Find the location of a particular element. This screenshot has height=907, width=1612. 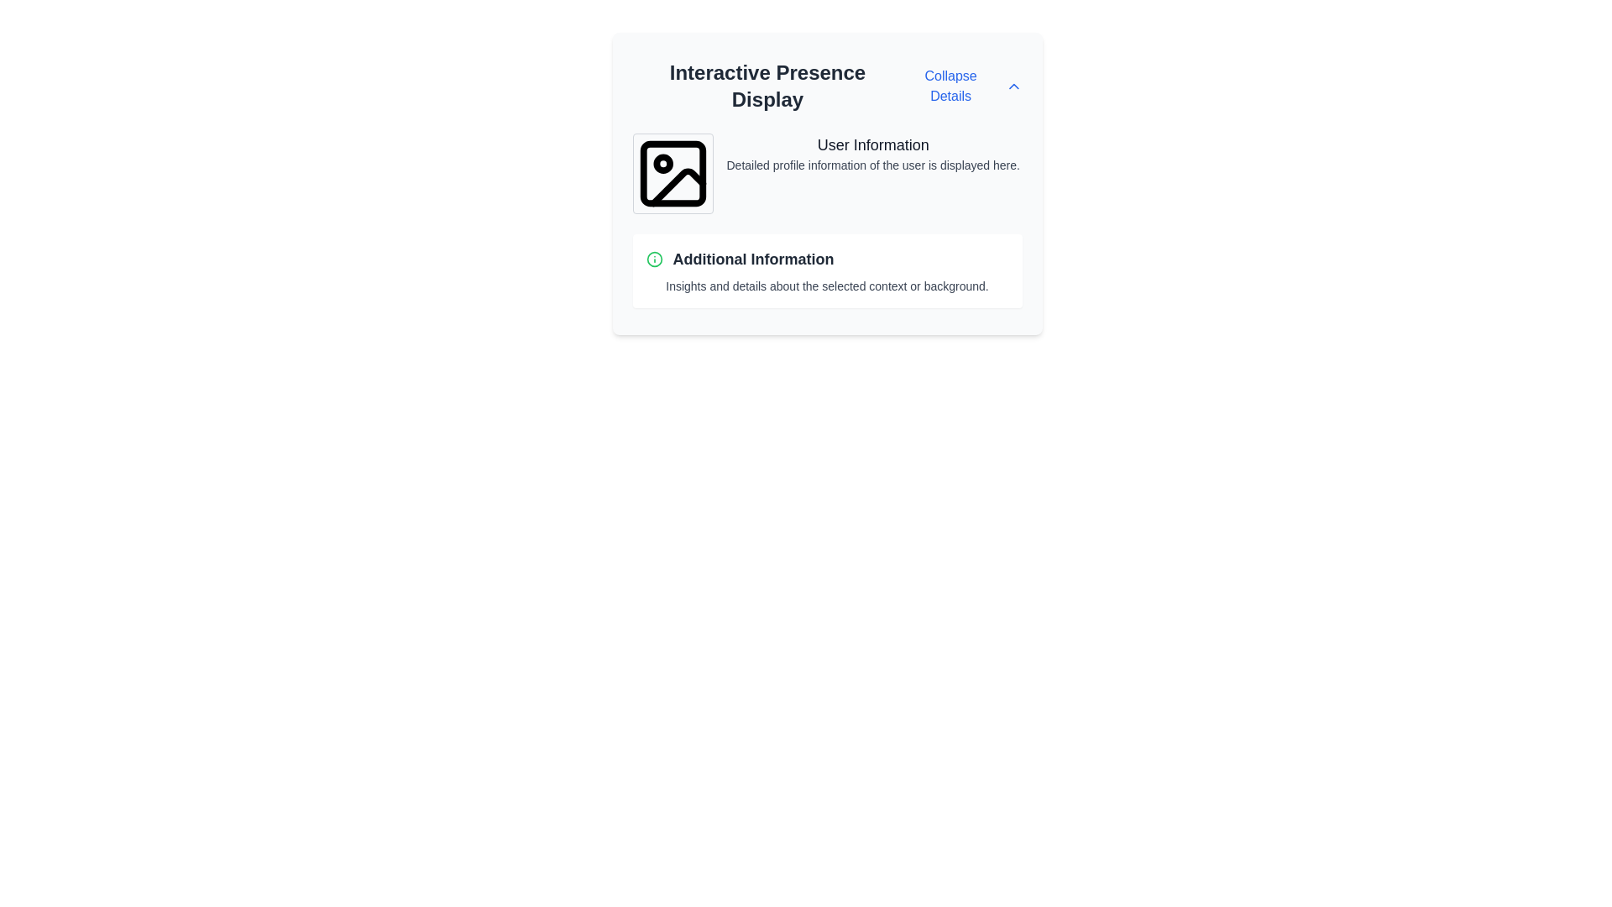

the static text element providing additional context about the user profile section, located below the 'User Information' title in the 'Interactive Presence Display' panel is located at coordinates (873, 165).